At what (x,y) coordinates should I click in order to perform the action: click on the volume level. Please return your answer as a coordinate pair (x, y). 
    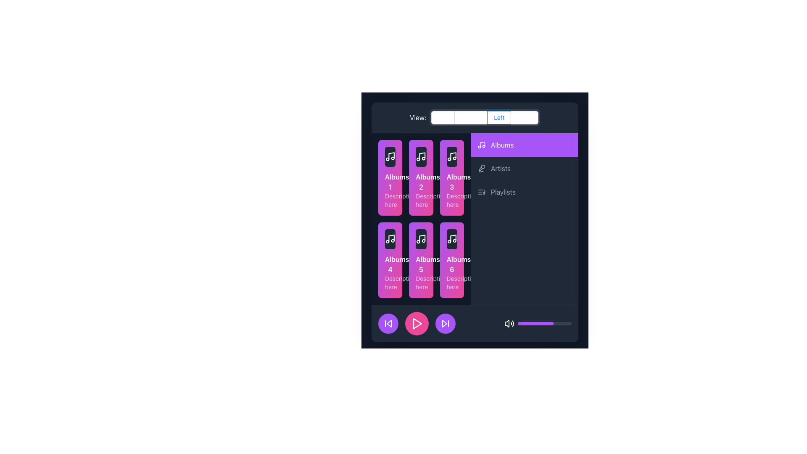
    Looking at the image, I should click on (569, 323).